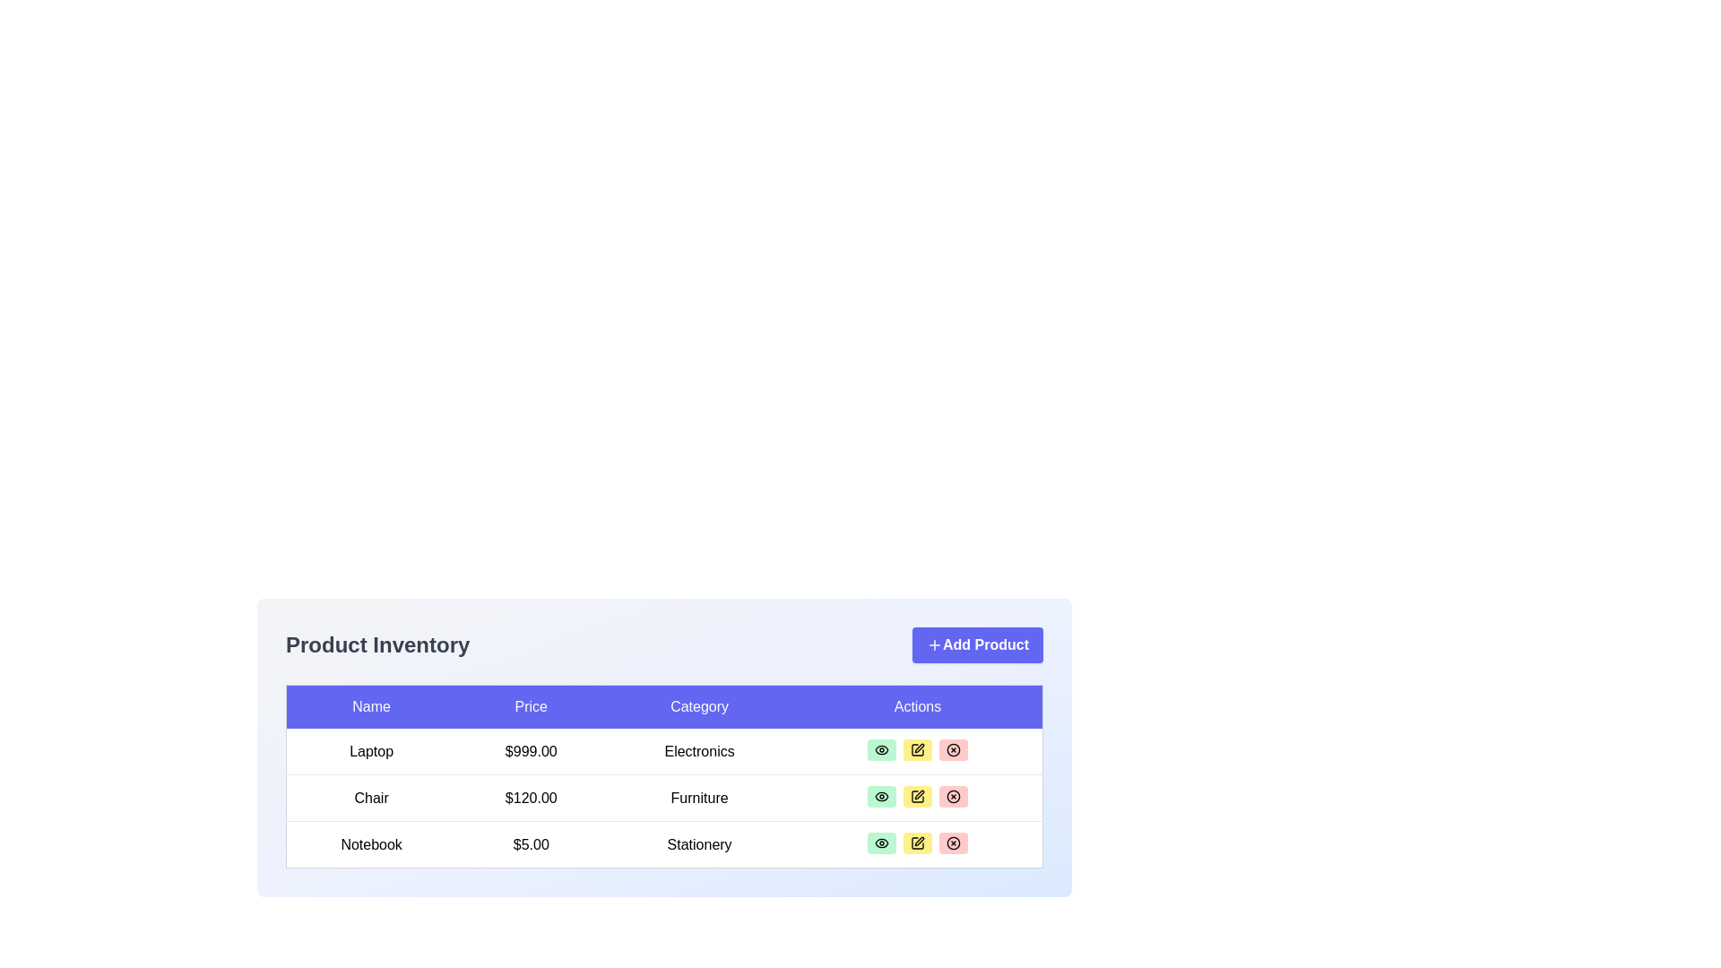  Describe the element at coordinates (952, 795) in the screenshot. I see `the delete button for the 'Chair' product entry in the actions column of the table` at that location.